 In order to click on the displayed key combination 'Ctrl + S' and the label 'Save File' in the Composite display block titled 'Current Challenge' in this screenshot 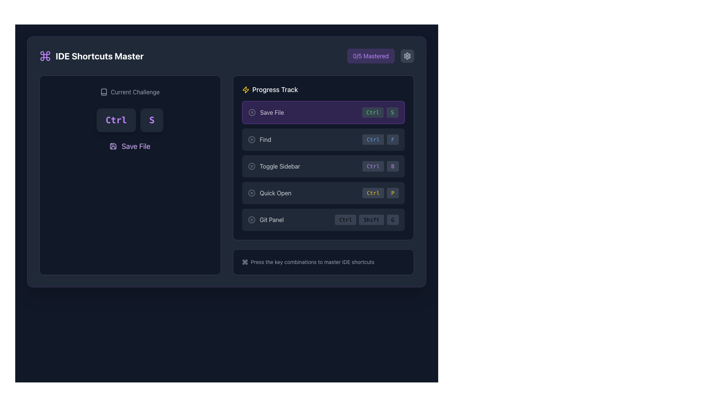, I will do `click(130, 119)`.